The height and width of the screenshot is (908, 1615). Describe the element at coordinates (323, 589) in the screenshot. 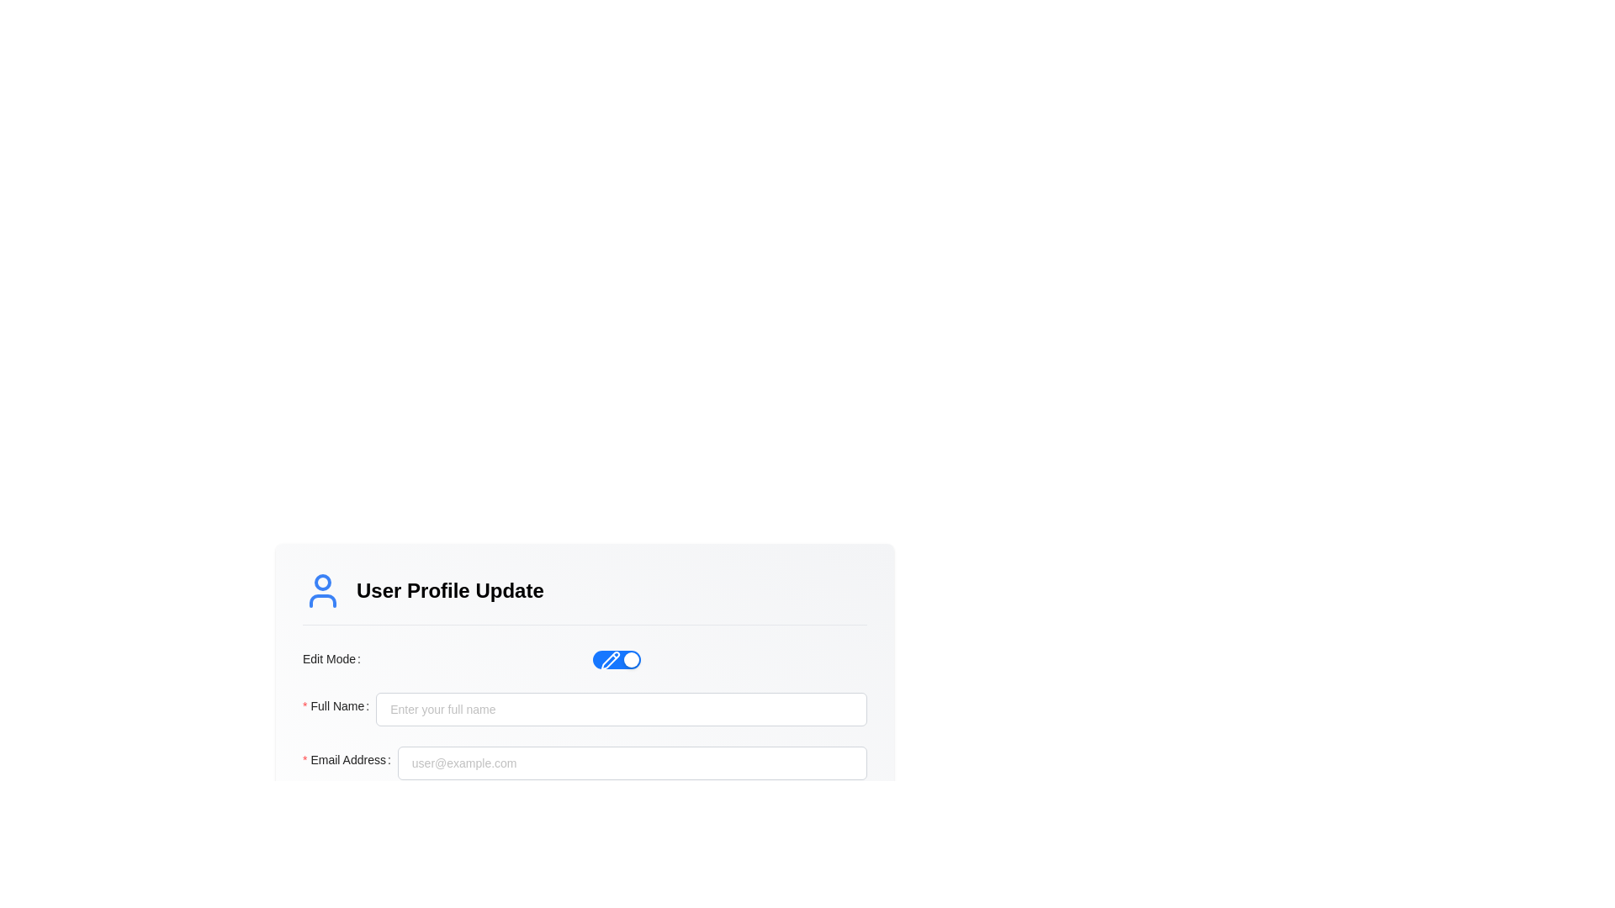

I see `the decorative icon representing the 'User Profile Update' feature, located to the left of the 'User Profile Update' text in the header segment` at that location.